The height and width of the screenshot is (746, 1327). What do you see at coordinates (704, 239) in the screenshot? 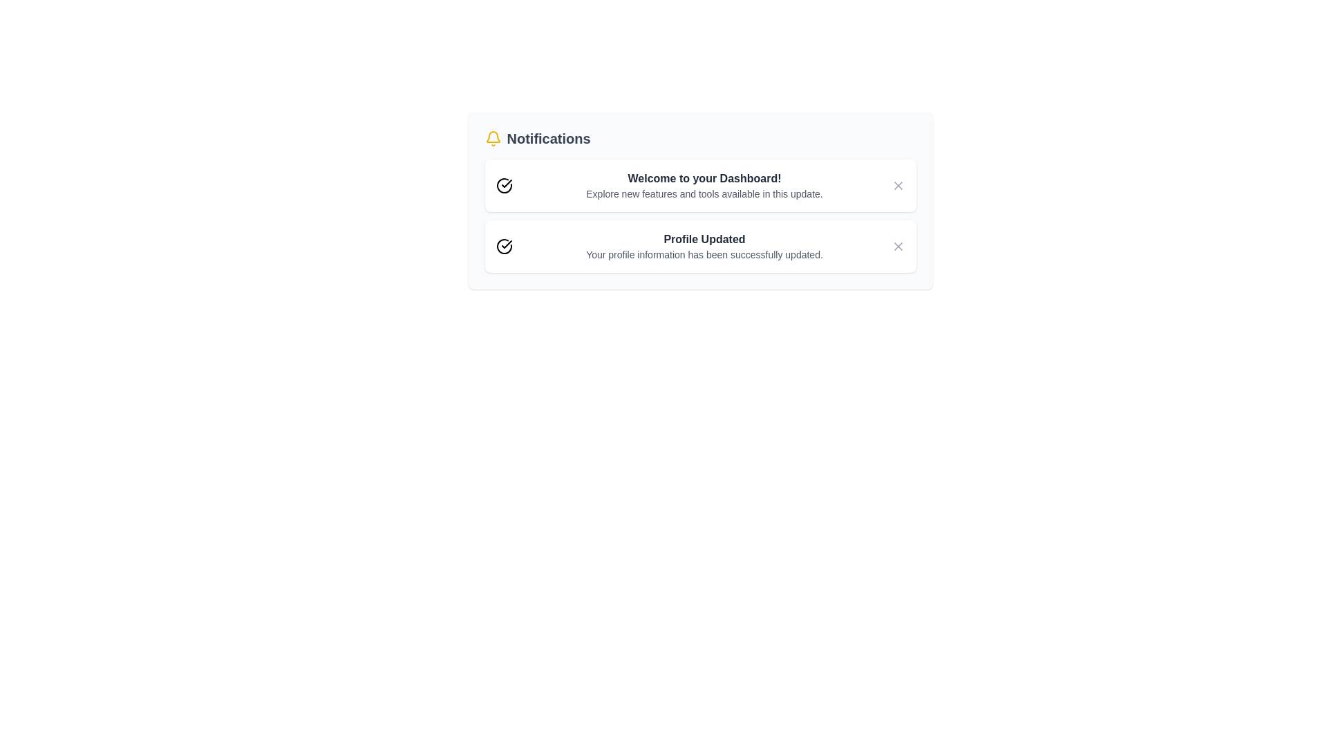
I see `the title of a notification: Profile Updated` at bounding box center [704, 239].